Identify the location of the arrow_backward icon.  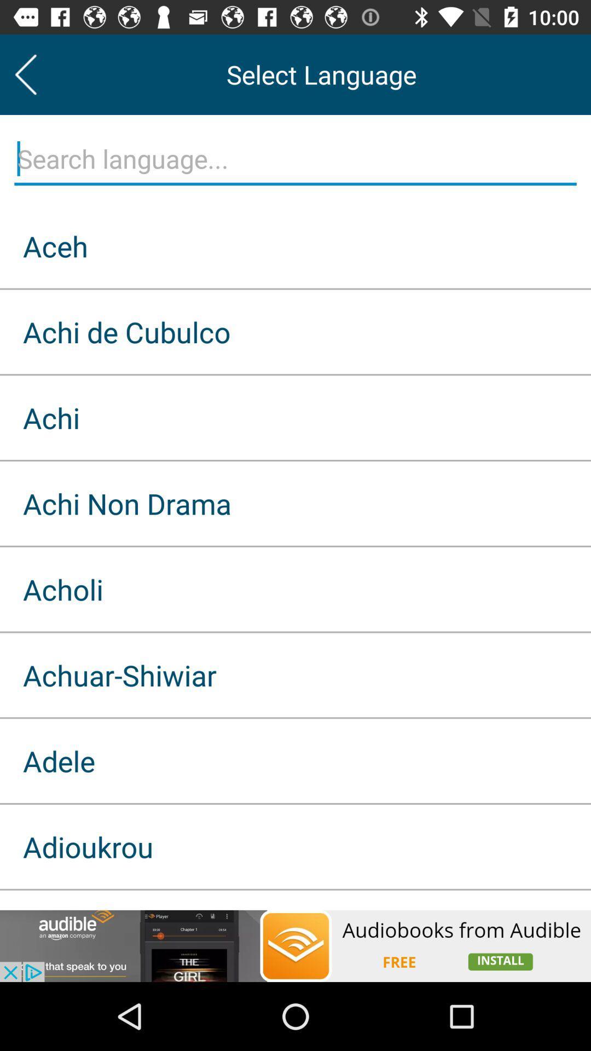
(25, 74).